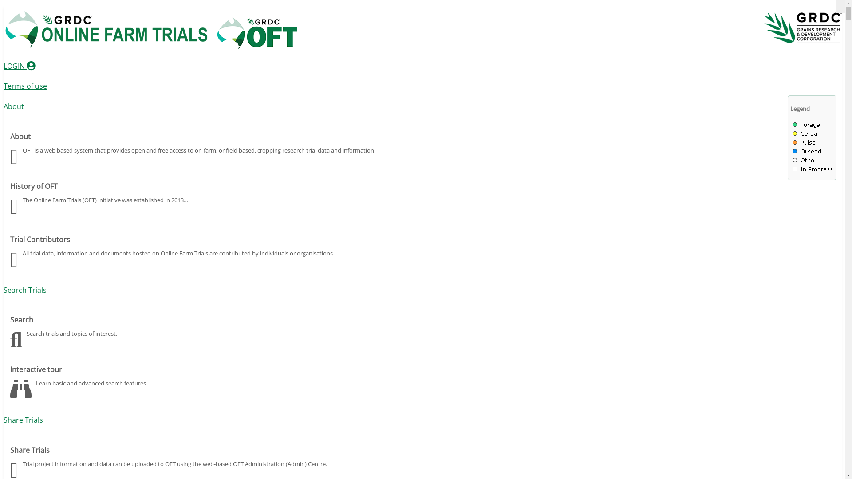 This screenshot has height=479, width=852. I want to click on 'About', so click(13, 106).